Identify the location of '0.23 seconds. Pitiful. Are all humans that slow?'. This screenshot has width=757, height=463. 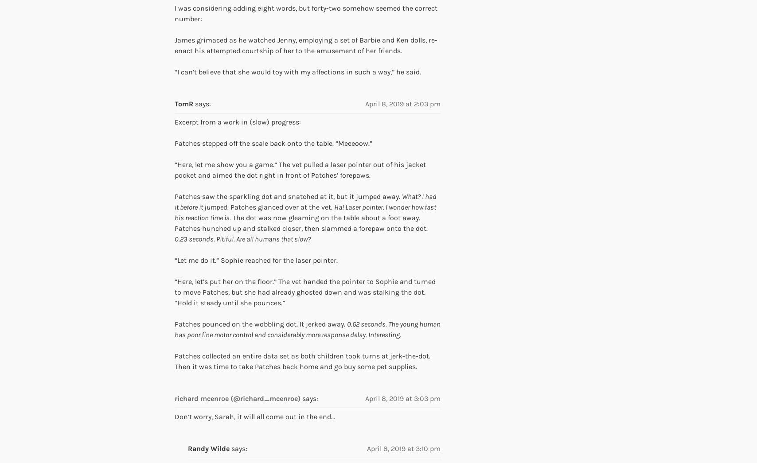
(175, 238).